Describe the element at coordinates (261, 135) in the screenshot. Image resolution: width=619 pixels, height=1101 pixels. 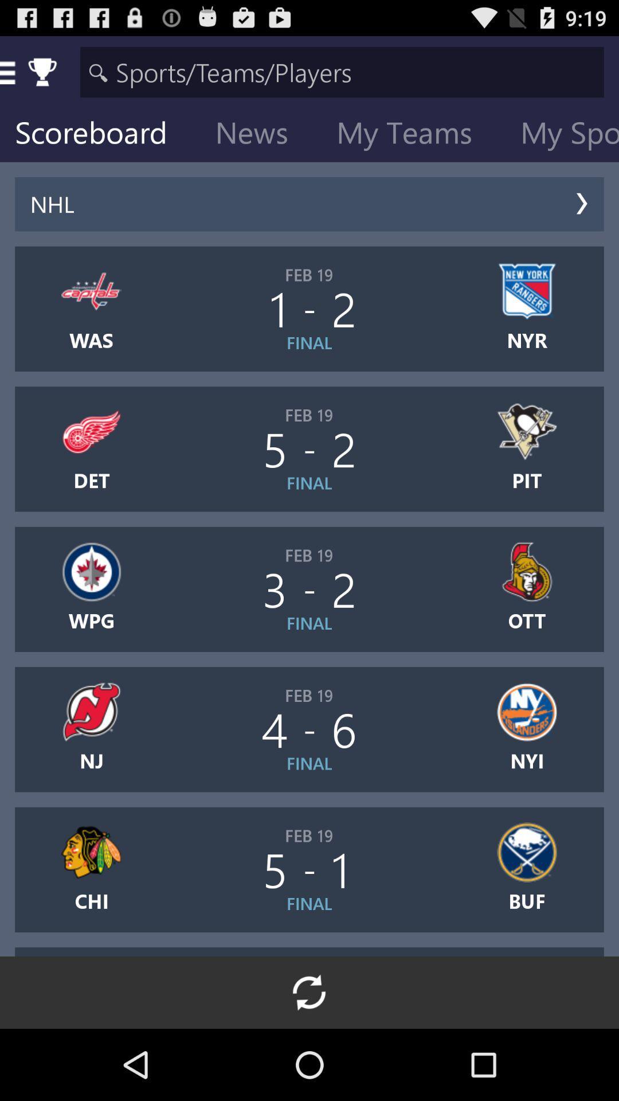
I see `the icon next to the scoreboard icon` at that location.